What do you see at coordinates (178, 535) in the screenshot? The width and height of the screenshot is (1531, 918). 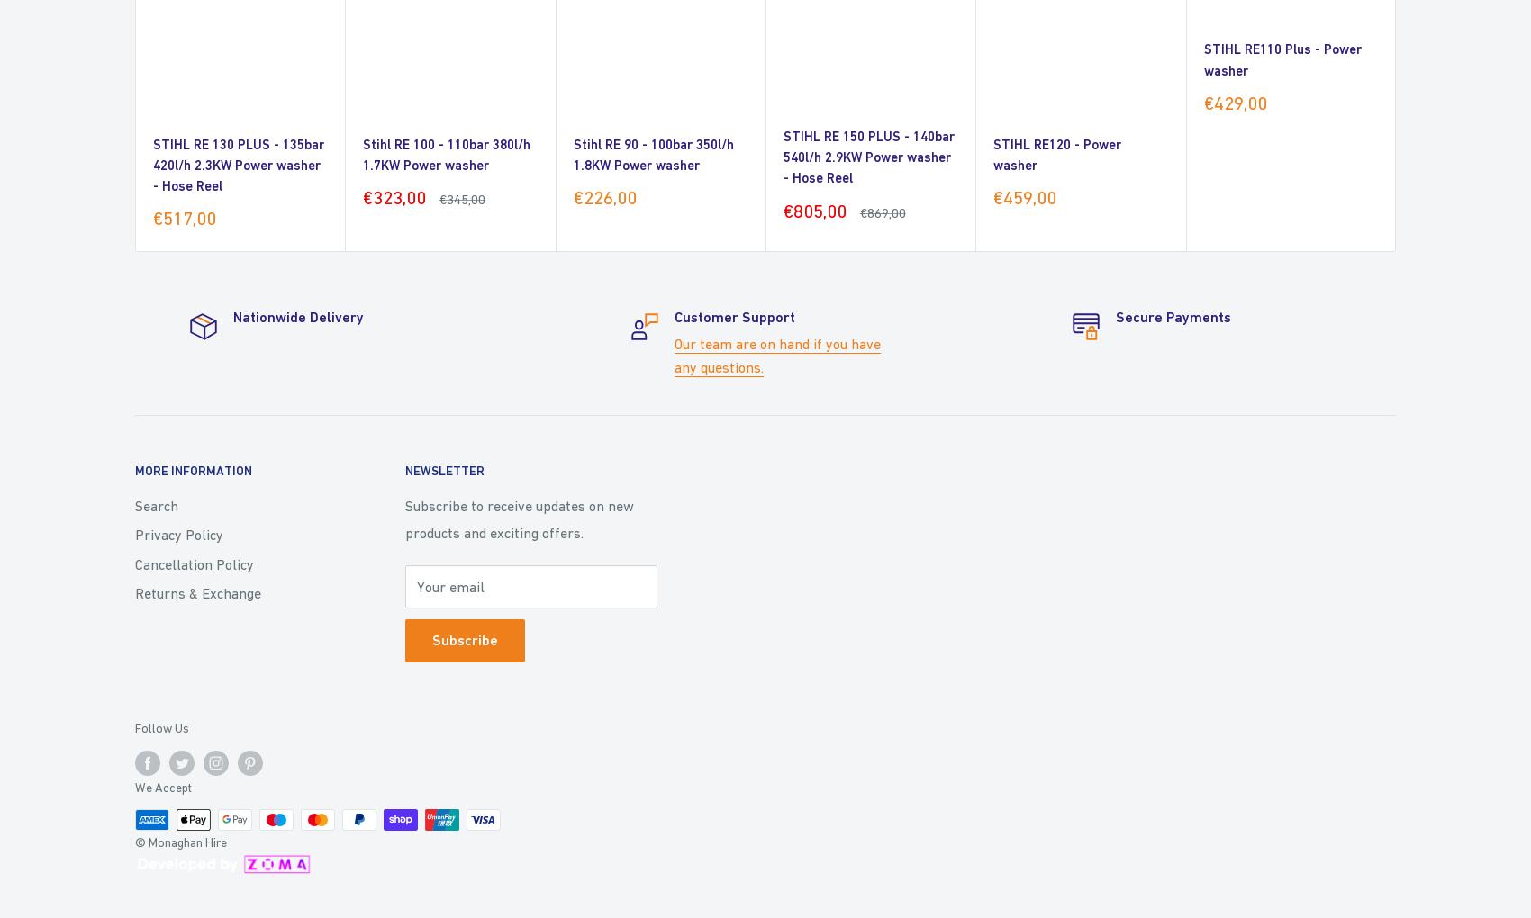 I see `'Privacy Policy'` at bounding box center [178, 535].